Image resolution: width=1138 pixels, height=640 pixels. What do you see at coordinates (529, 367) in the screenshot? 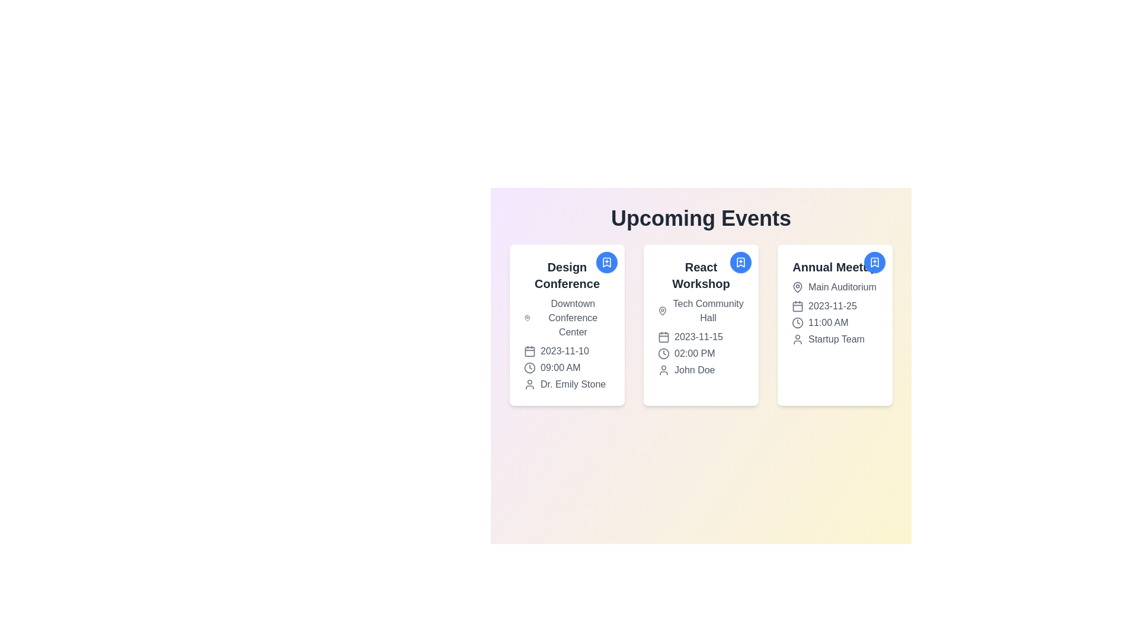
I see `the clock icon in the date and time display section of the 'Design Conference' card, which is styled as an analog clock with a minimalist design` at bounding box center [529, 367].